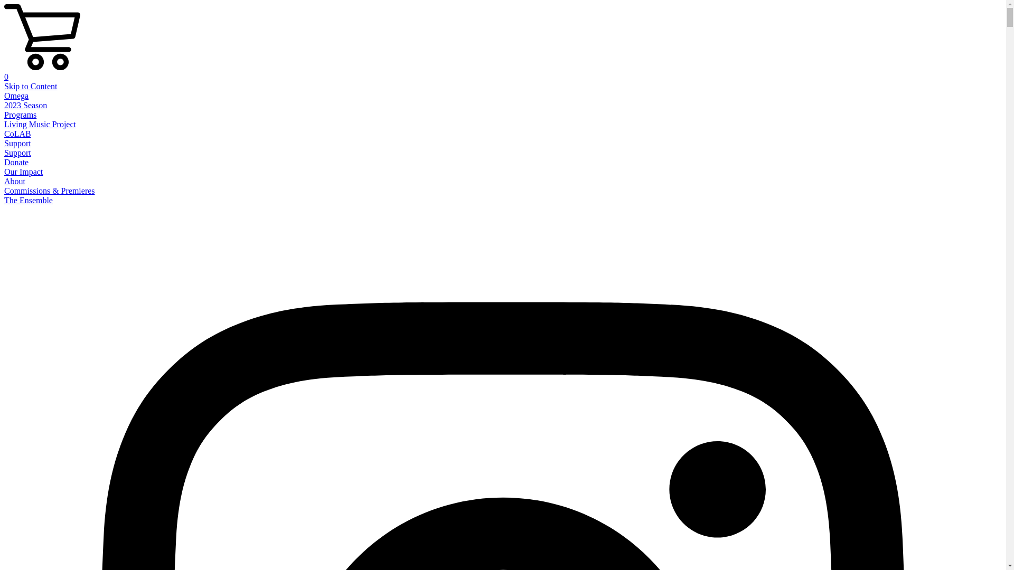 Image resolution: width=1014 pixels, height=570 pixels. I want to click on 'CoLAB', so click(17, 133).